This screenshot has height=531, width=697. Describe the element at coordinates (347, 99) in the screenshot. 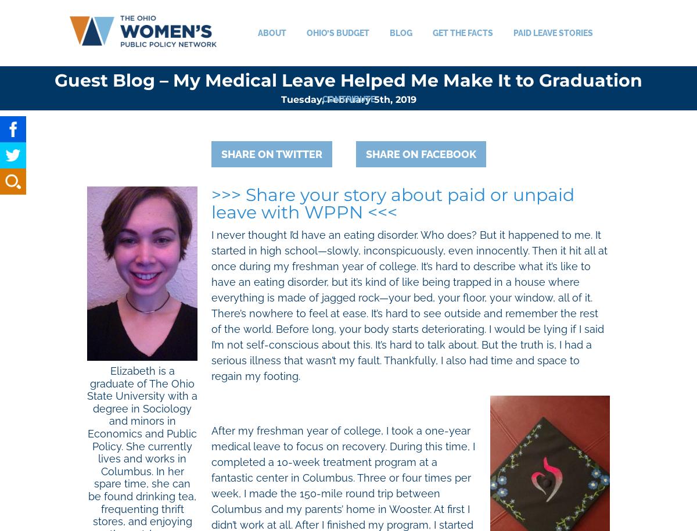

I see `'Contribute'` at that location.